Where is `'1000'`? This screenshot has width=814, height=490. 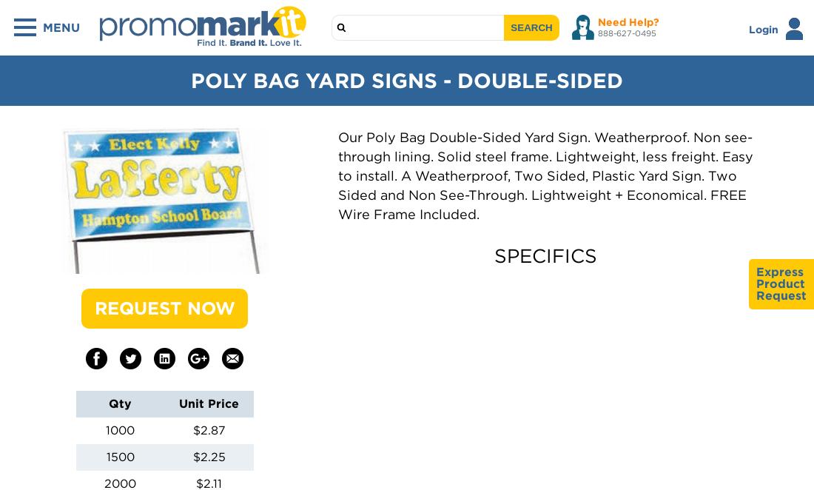
'1000' is located at coordinates (119, 429).